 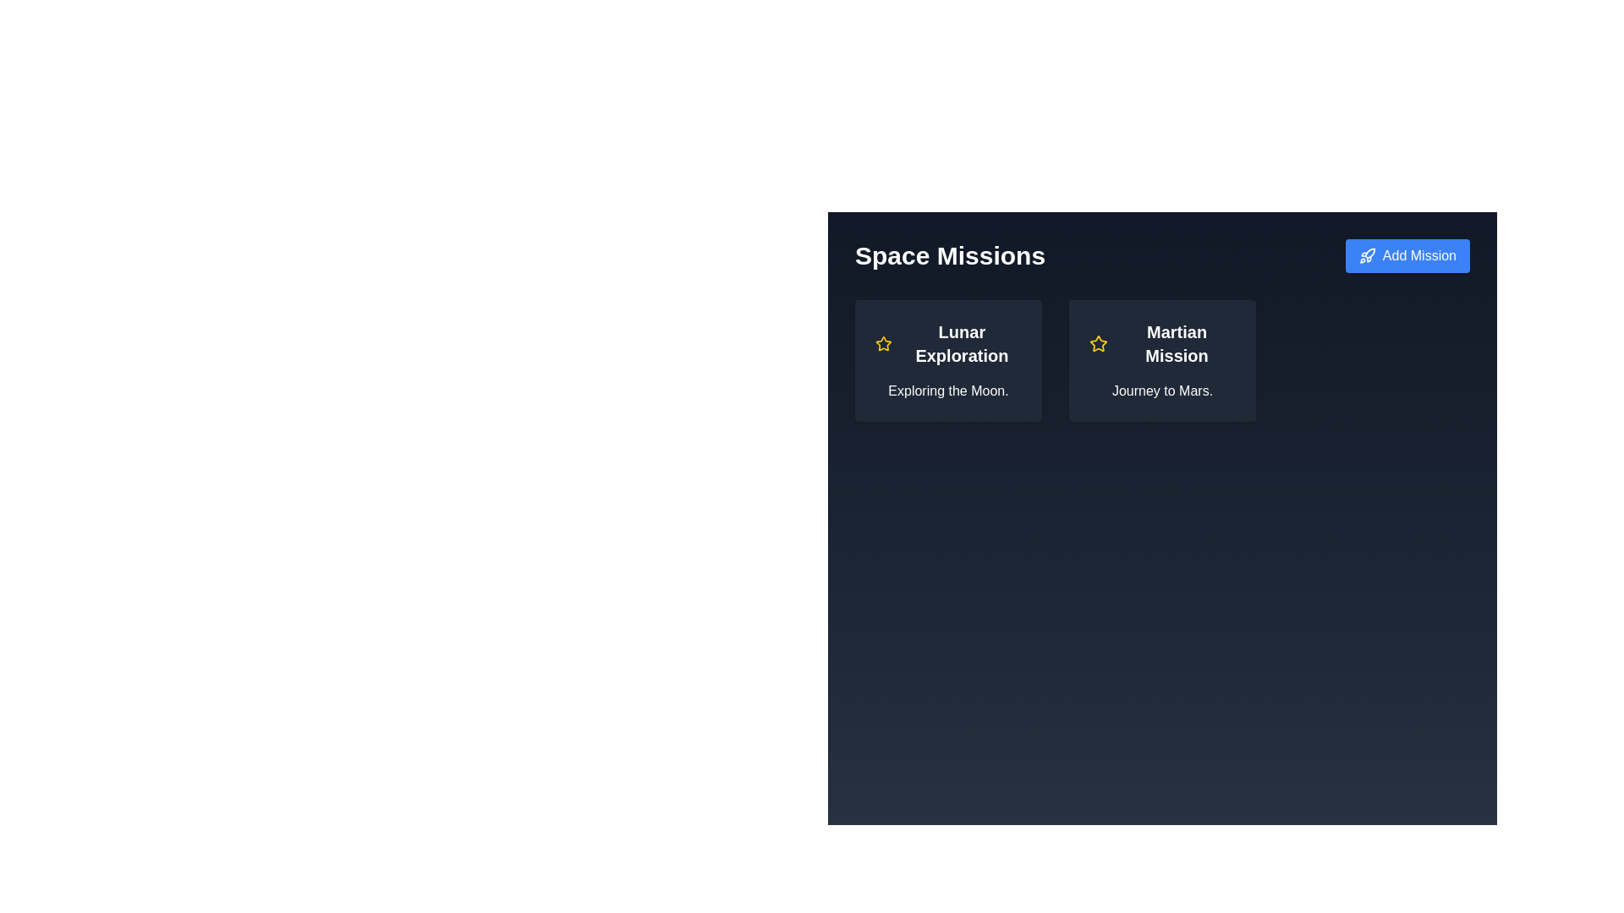 What do you see at coordinates (948, 360) in the screenshot?
I see `the card titled 'Lunar Exploration'` at bounding box center [948, 360].